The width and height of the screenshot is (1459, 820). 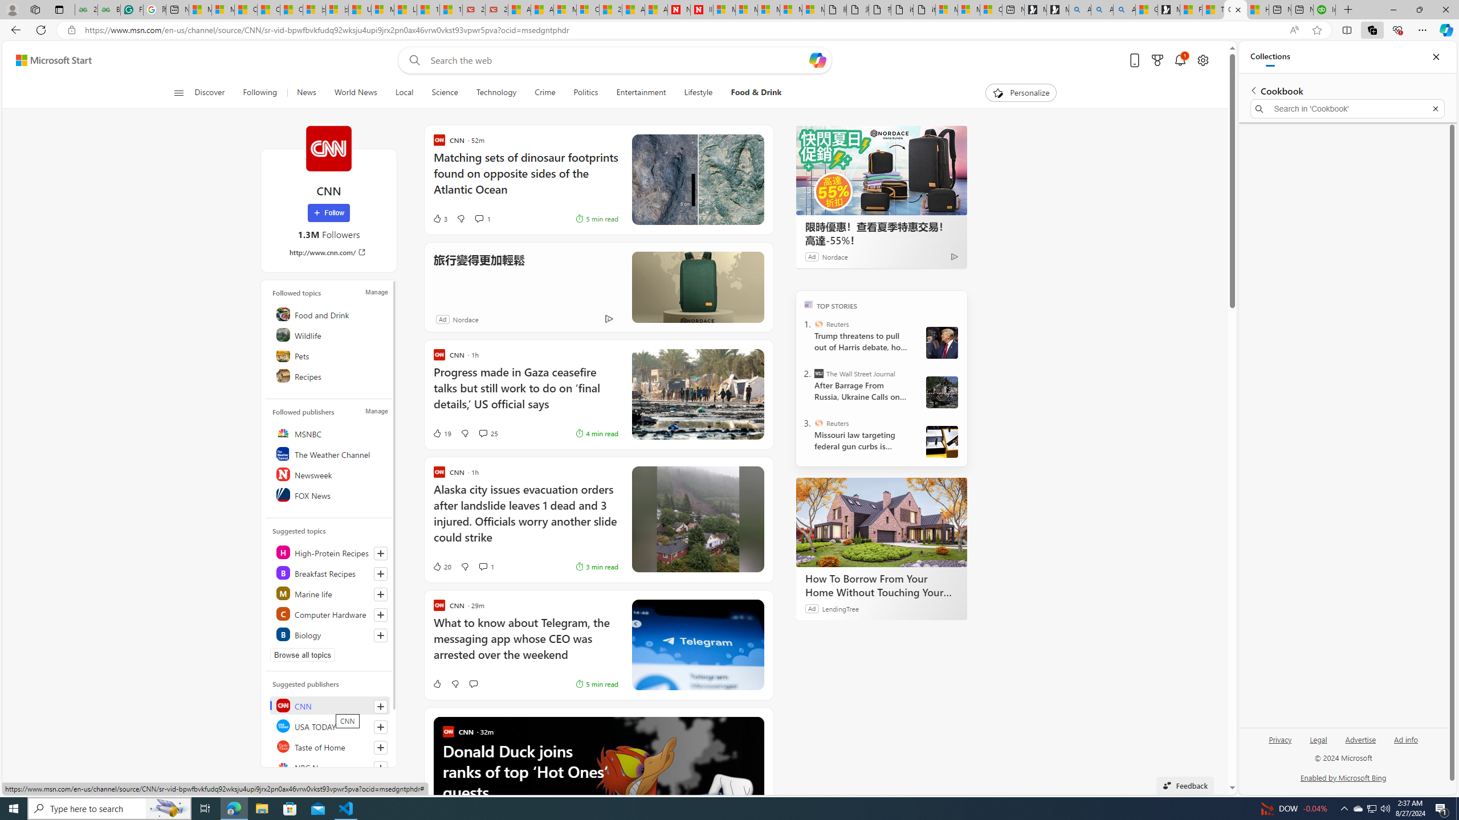 I want to click on 'itconcepthk.com/projector_solutions.mp4', so click(x=924, y=9).